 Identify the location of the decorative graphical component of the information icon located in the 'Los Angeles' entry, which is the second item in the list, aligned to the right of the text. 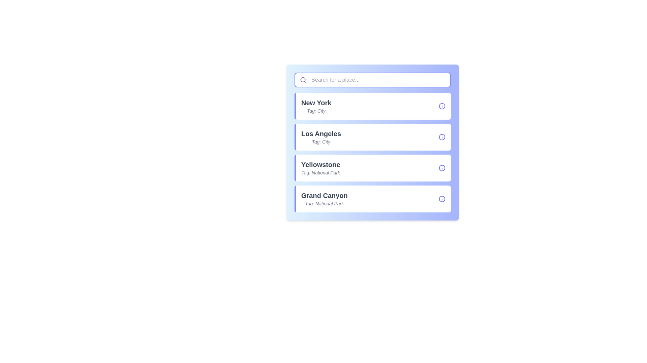
(442, 137).